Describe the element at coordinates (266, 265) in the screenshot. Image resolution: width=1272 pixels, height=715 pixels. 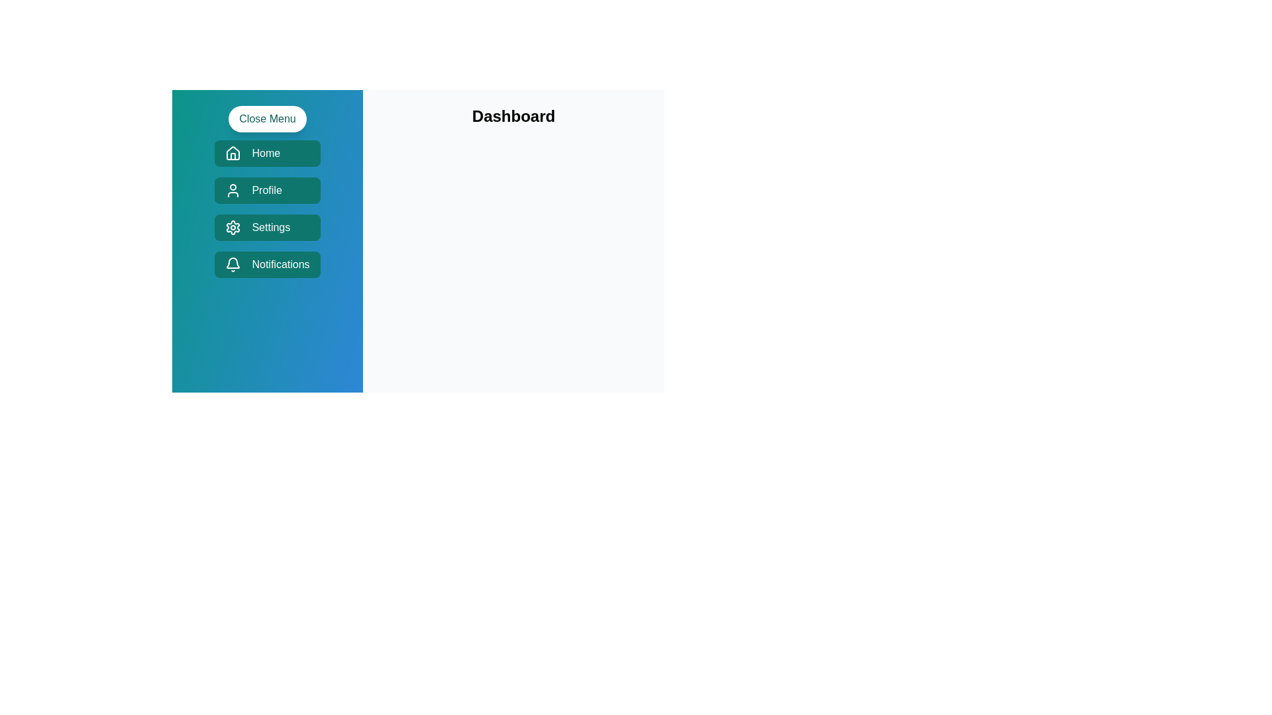
I see `the 'Notifications' button` at that location.